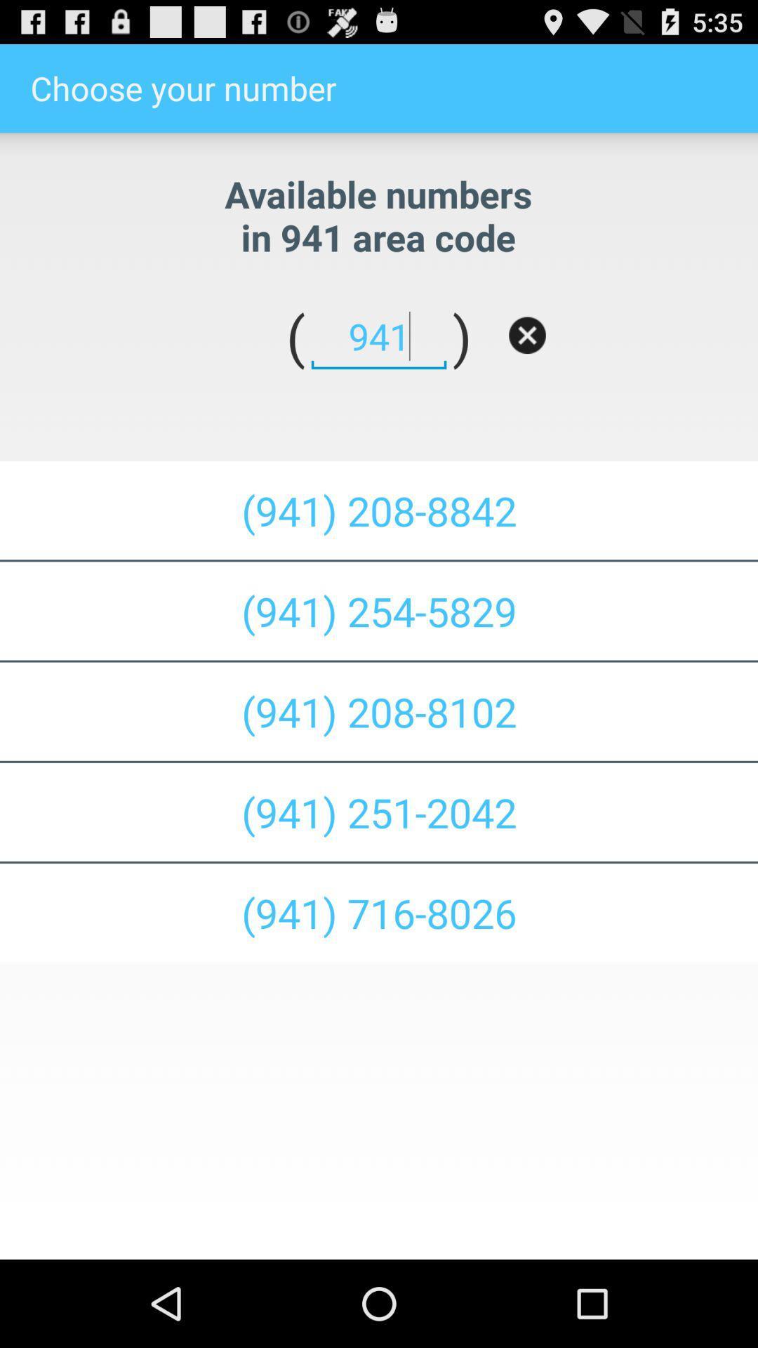 Image resolution: width=758 pixels, height=1348 pixels. Describe the element at coordinates (527, 359) in the screenshot. I see `the close icon` at that location.